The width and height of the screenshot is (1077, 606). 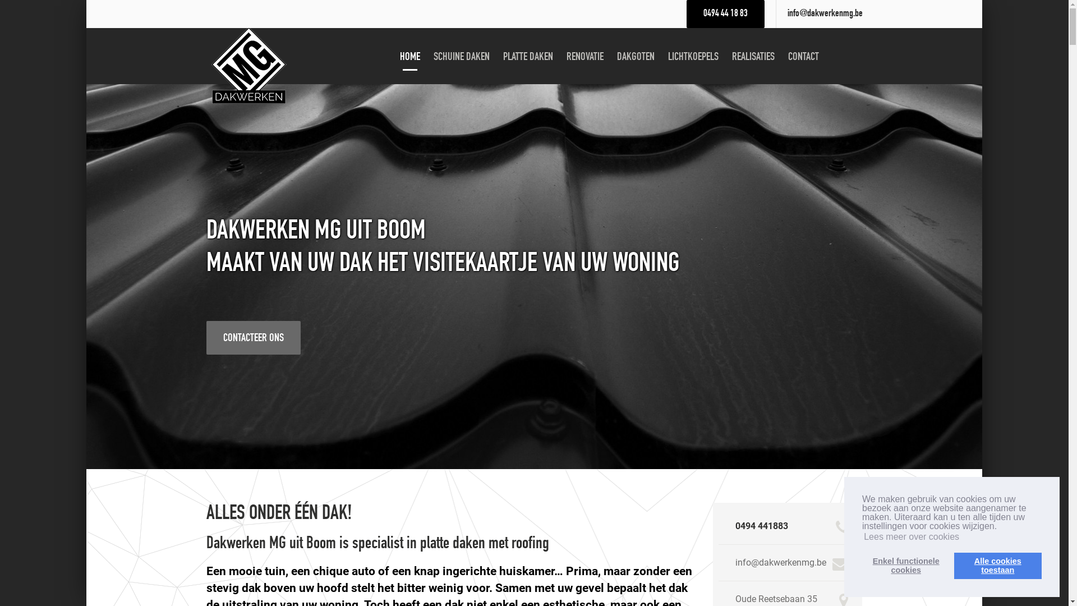 I want to click on 'info@dakwerkenmg.be', so click(x=735, y=562).